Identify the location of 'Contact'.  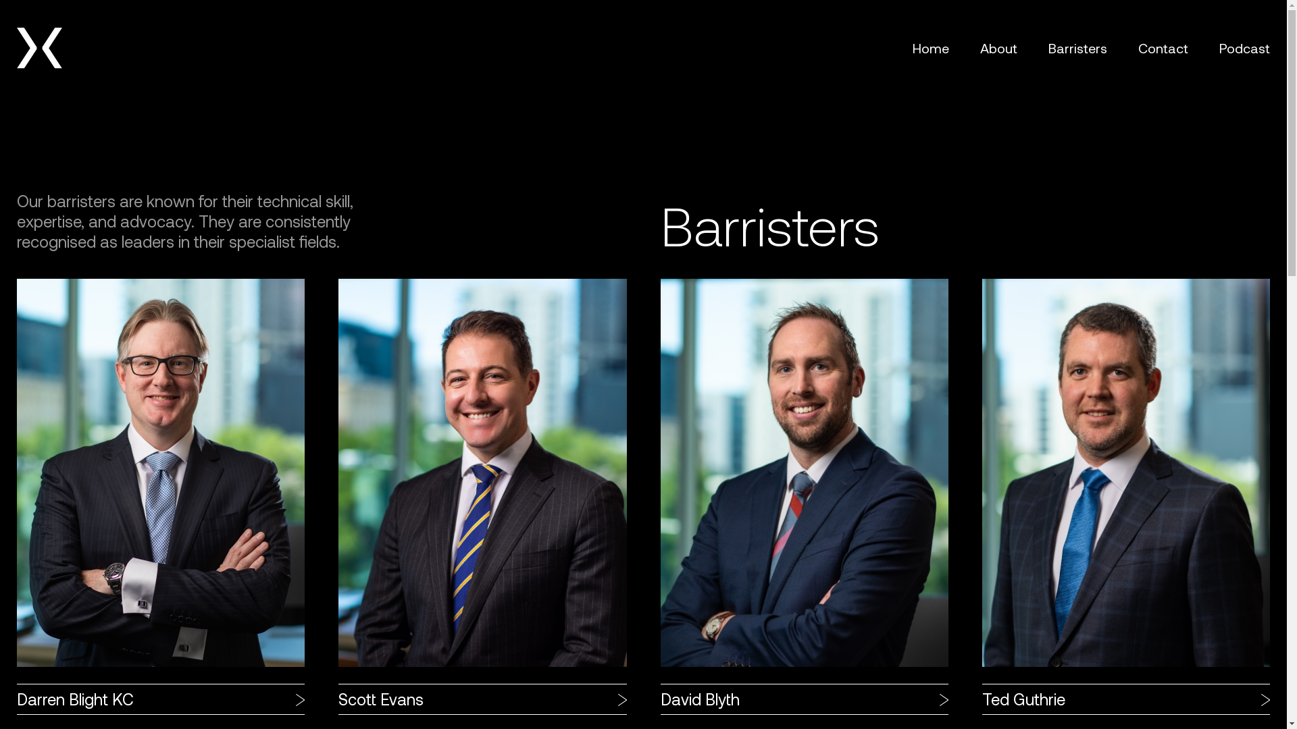
(1163, 47).